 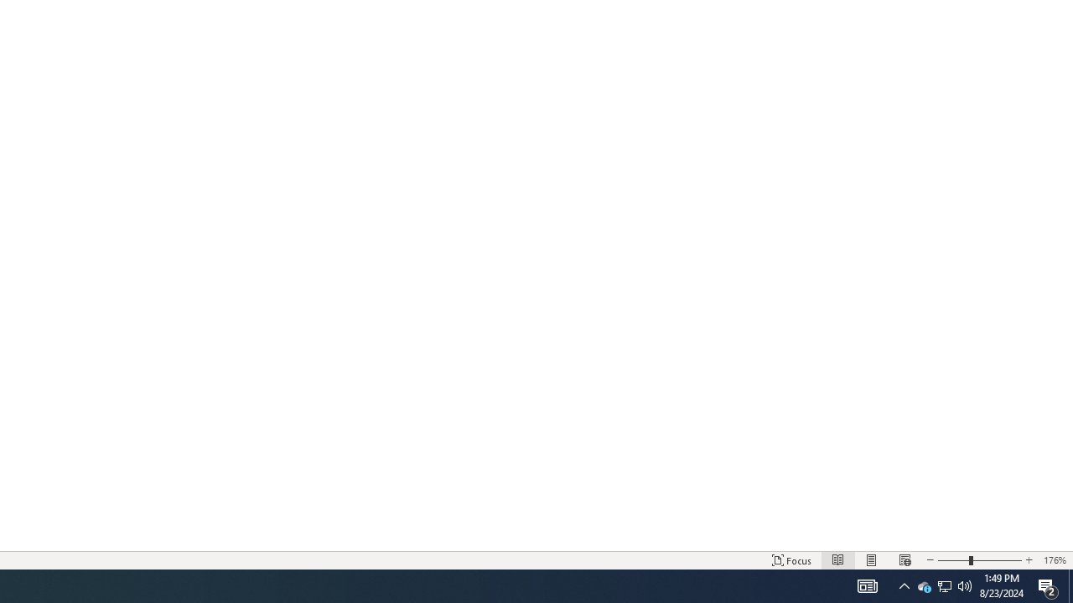 What do you see at coordinates (790, 560) in the screenshot?
I see `'Focus '` at bounding box center [790, 560].